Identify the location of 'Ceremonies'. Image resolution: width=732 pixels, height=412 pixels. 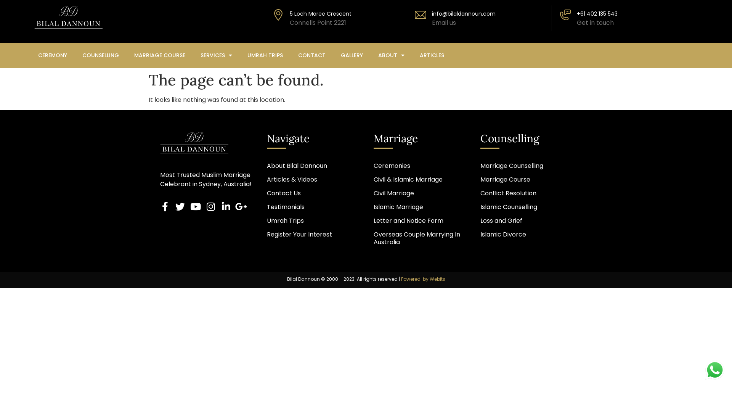
(373, 166).